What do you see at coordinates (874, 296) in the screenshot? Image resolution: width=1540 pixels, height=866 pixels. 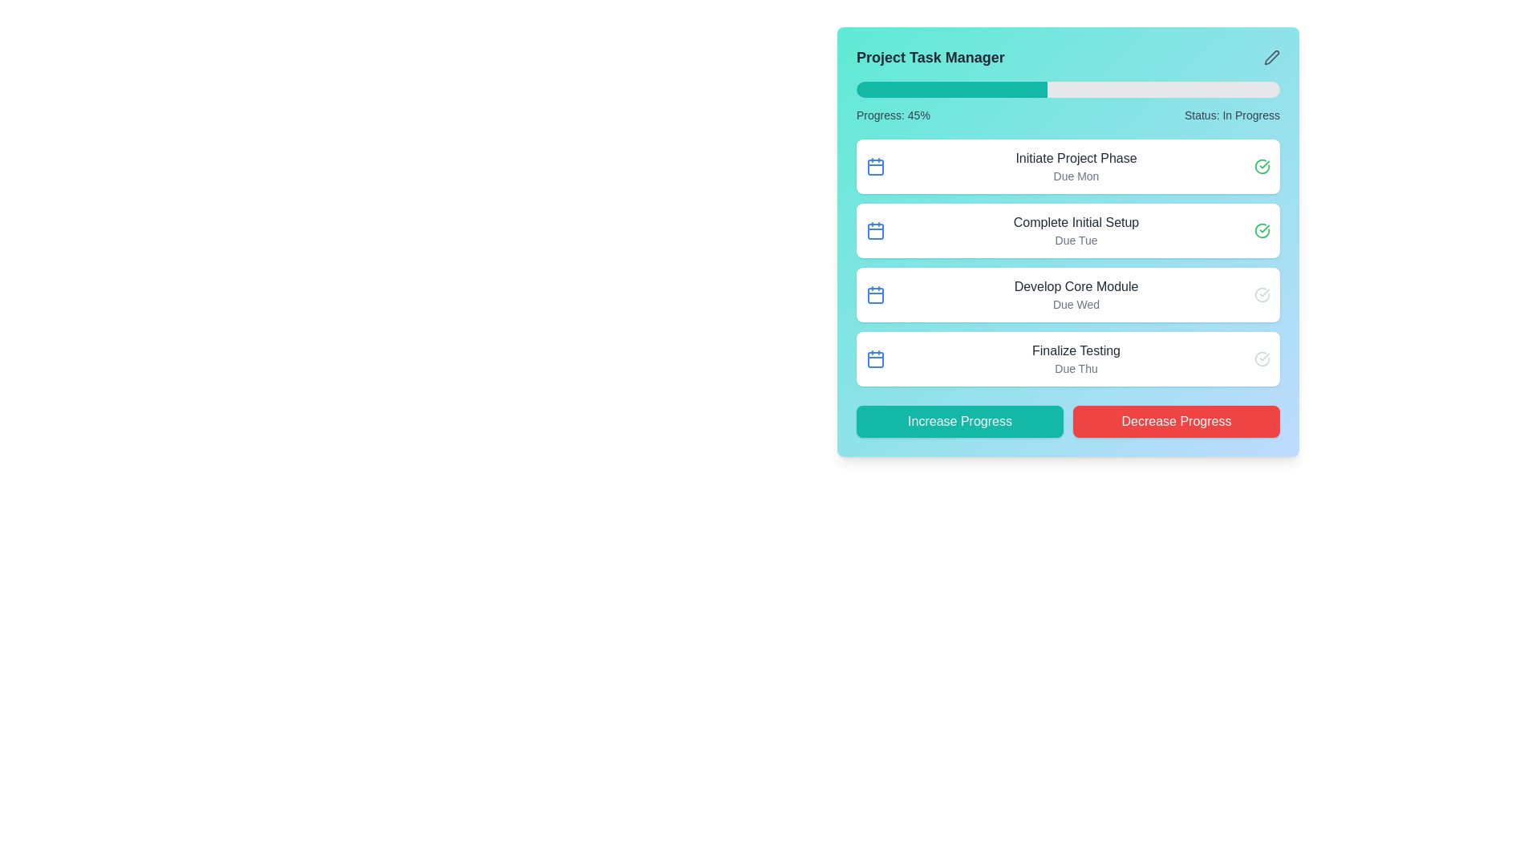 I see `the red rounded rectangle SVG element that represents a date box inside the calendar icon for the 'Develop Core Module' list item in the task management interface` at bounding box center [874, 296].